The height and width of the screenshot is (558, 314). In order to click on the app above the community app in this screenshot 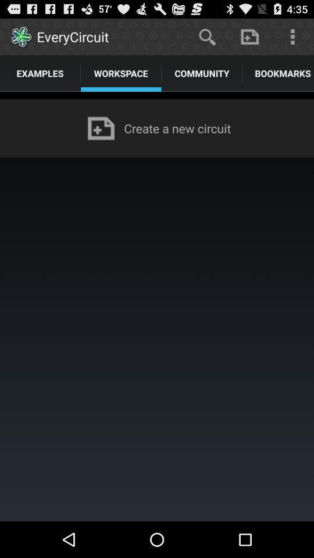, I will do `click(206, 36)`.